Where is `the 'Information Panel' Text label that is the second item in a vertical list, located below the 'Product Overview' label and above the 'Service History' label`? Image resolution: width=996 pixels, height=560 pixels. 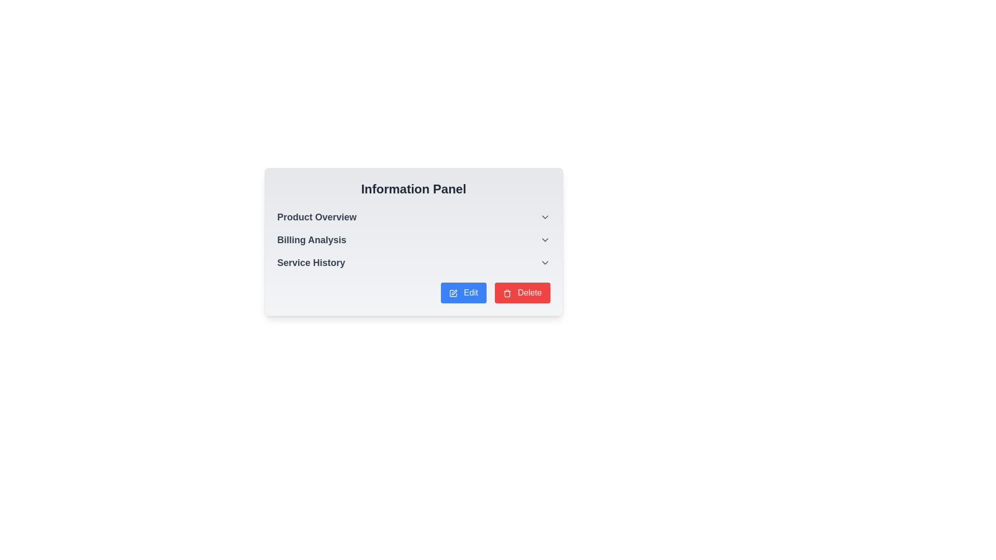
the 'Information Panel' Text label that is the second item in a vertical list, located below the 'Product Overview' label and above the 'Service History' label is located at coordinates (311, 240).